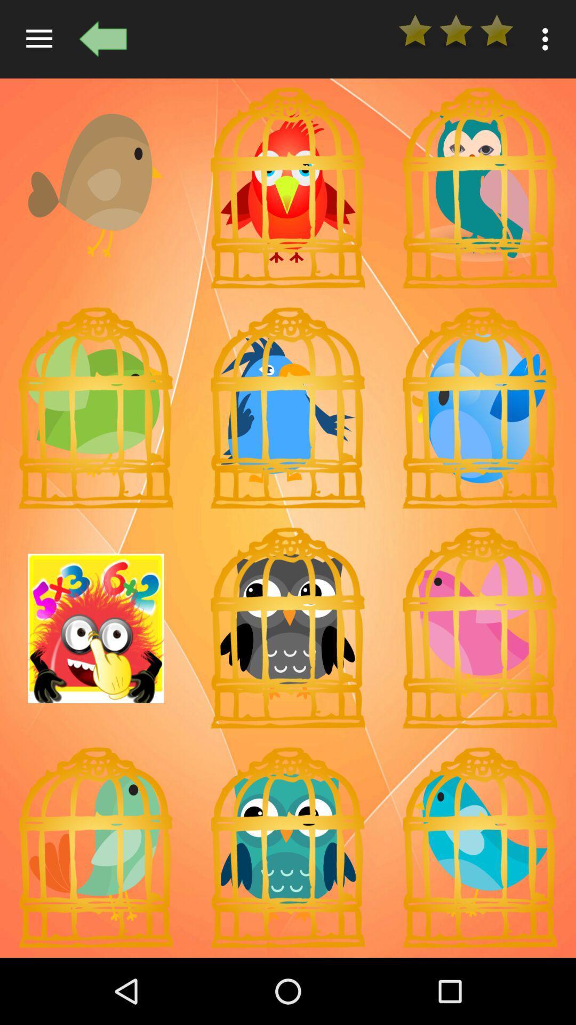 The height and width of the screenshot is (1025, 576). Describe the element at coordinates (96, 407) in the screenshot. I see `chooses this particular emoji` at that location.